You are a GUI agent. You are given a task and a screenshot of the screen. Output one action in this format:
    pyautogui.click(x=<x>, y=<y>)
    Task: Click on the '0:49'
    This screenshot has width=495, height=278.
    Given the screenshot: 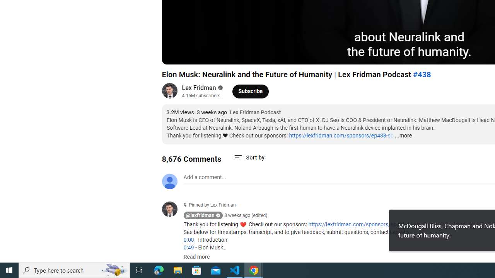 What is the action you would take?
    pyautogui.click(x=188, y=247)
    